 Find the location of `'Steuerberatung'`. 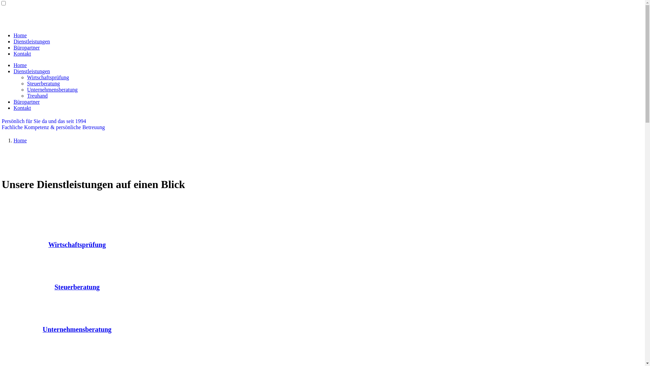

'Steuerberatung' is located at coordinates (27, 83).